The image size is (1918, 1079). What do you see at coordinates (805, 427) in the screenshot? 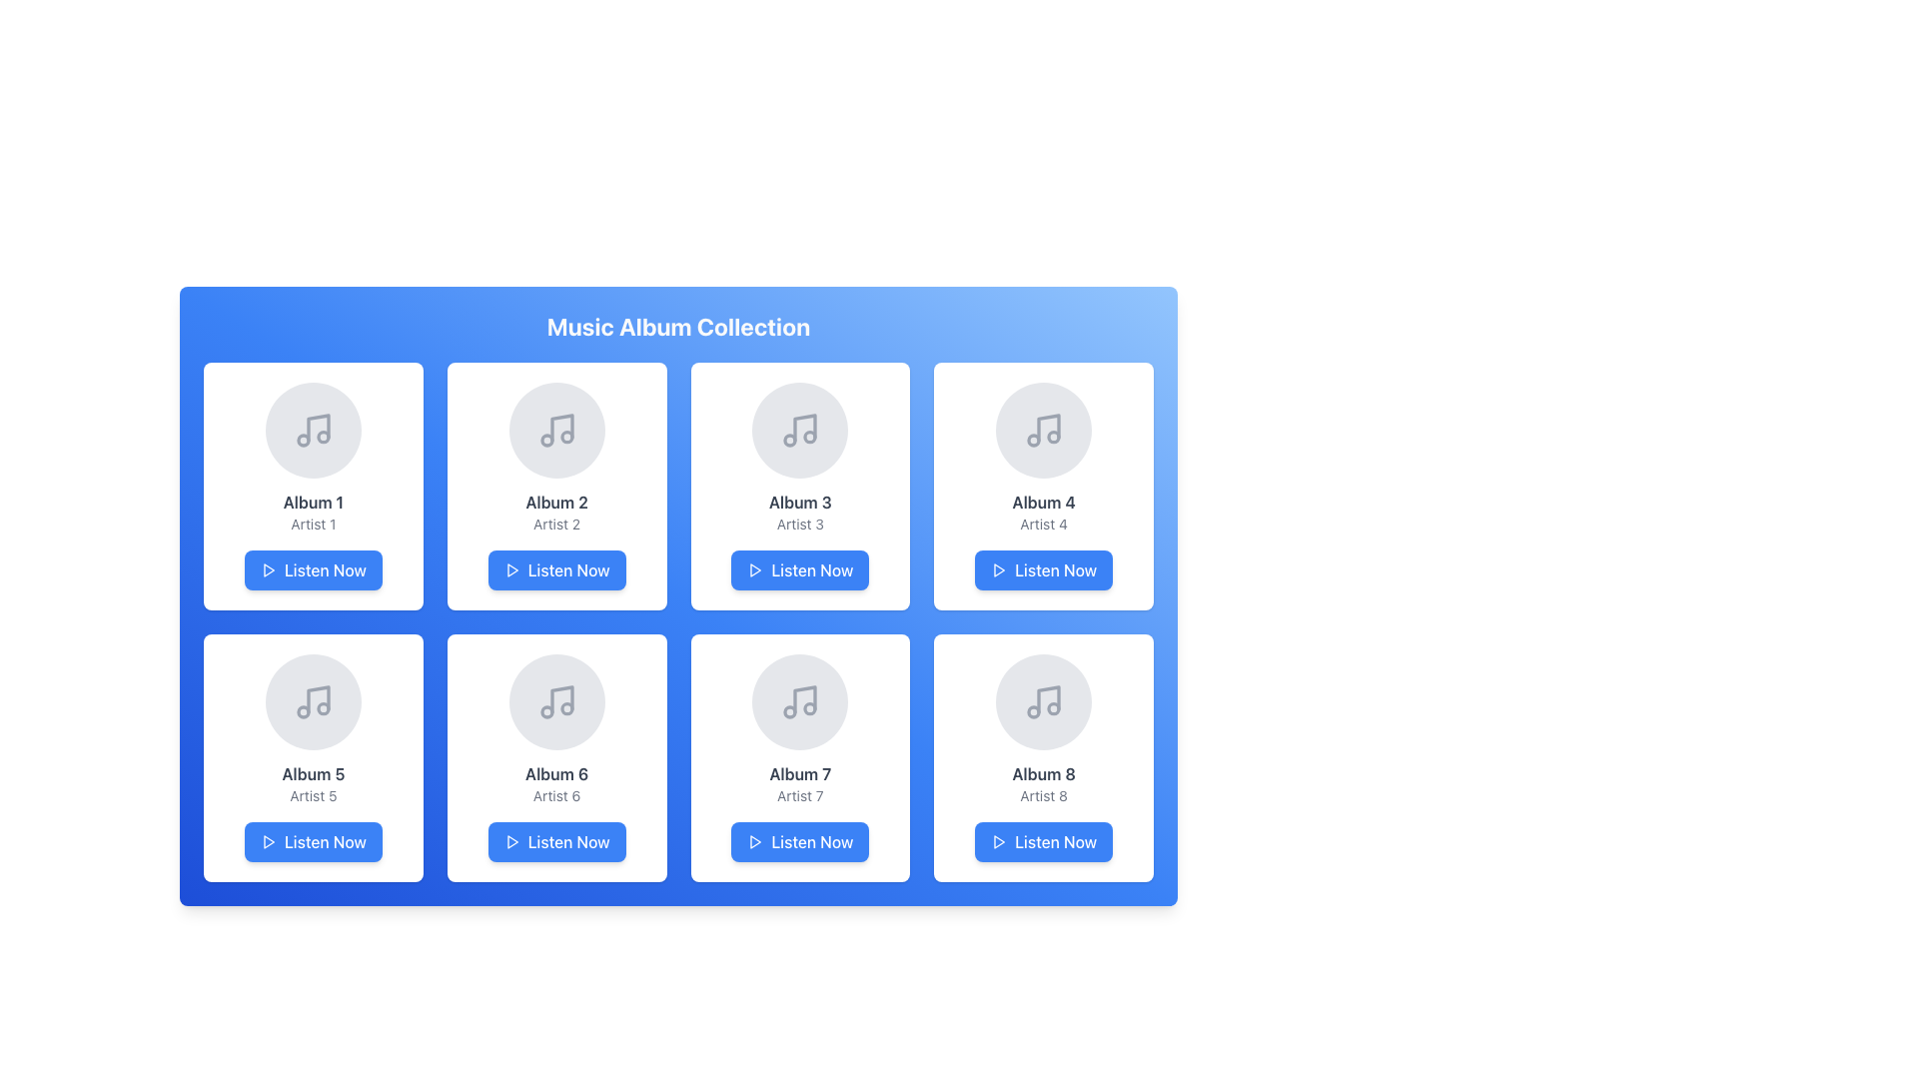
I see `the SVG graphic representing the musical note symbol located in the third cell of the top row, above 'Album 3'` at bounding box center [805, 427].